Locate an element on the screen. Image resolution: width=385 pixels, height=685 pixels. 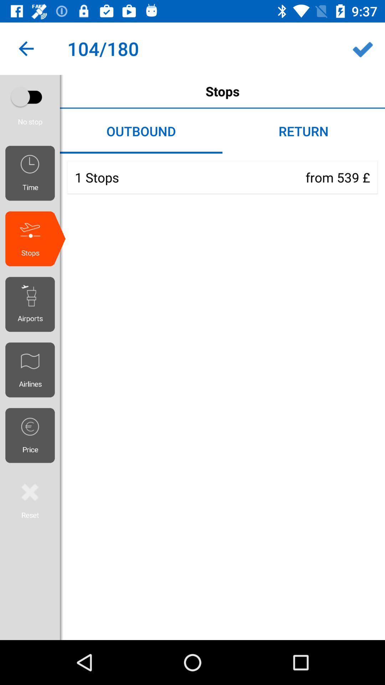
the item to the left of stops is located at coordinates (30, 96).